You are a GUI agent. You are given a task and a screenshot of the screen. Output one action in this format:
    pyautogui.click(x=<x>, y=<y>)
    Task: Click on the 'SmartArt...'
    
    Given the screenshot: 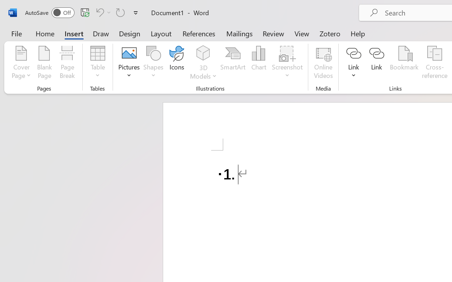 What is the action you would take?
    pyautogui.click(x=233, y=63)
    